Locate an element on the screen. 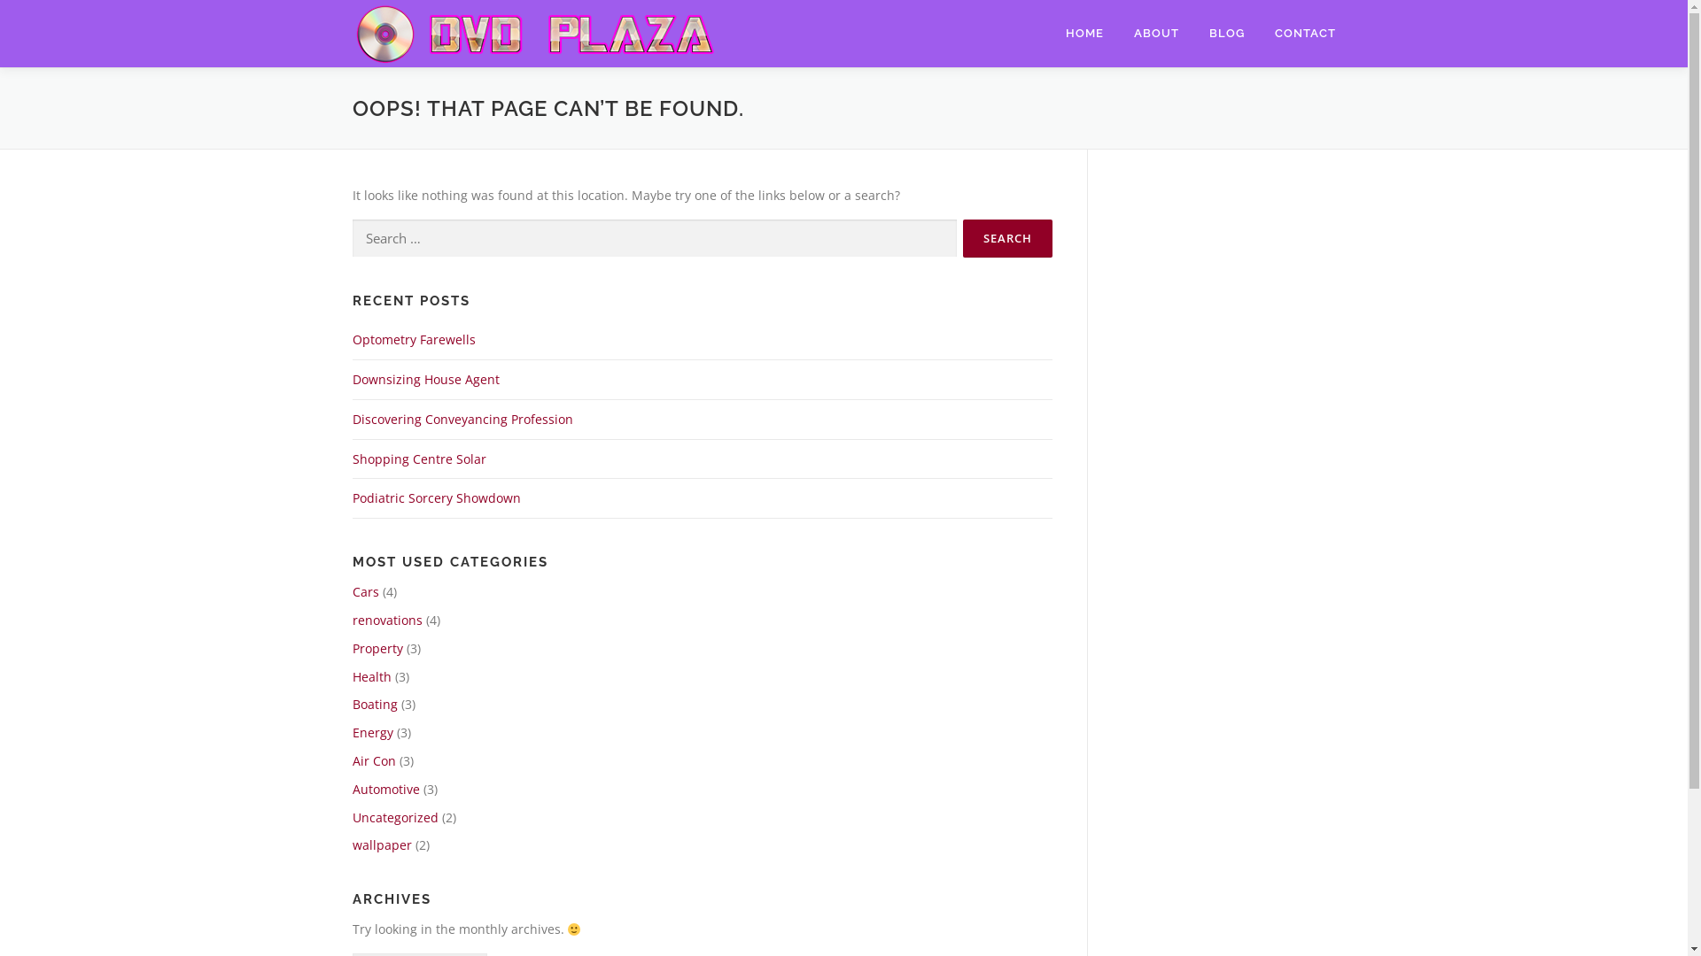 The width and height of the screenshot is (1701, 956). 'Air Con' is located at coordinates (373, 759).